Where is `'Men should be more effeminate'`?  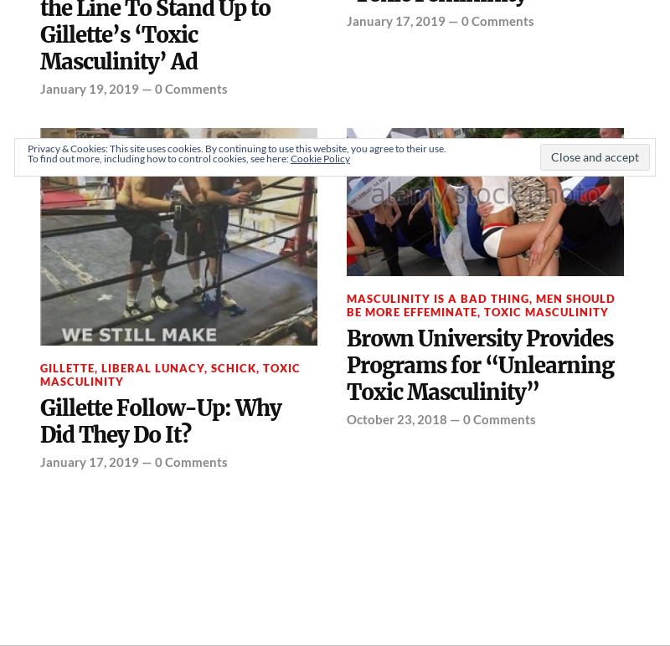 'Men should be more effeminate' is located at coordinates (480, 304).